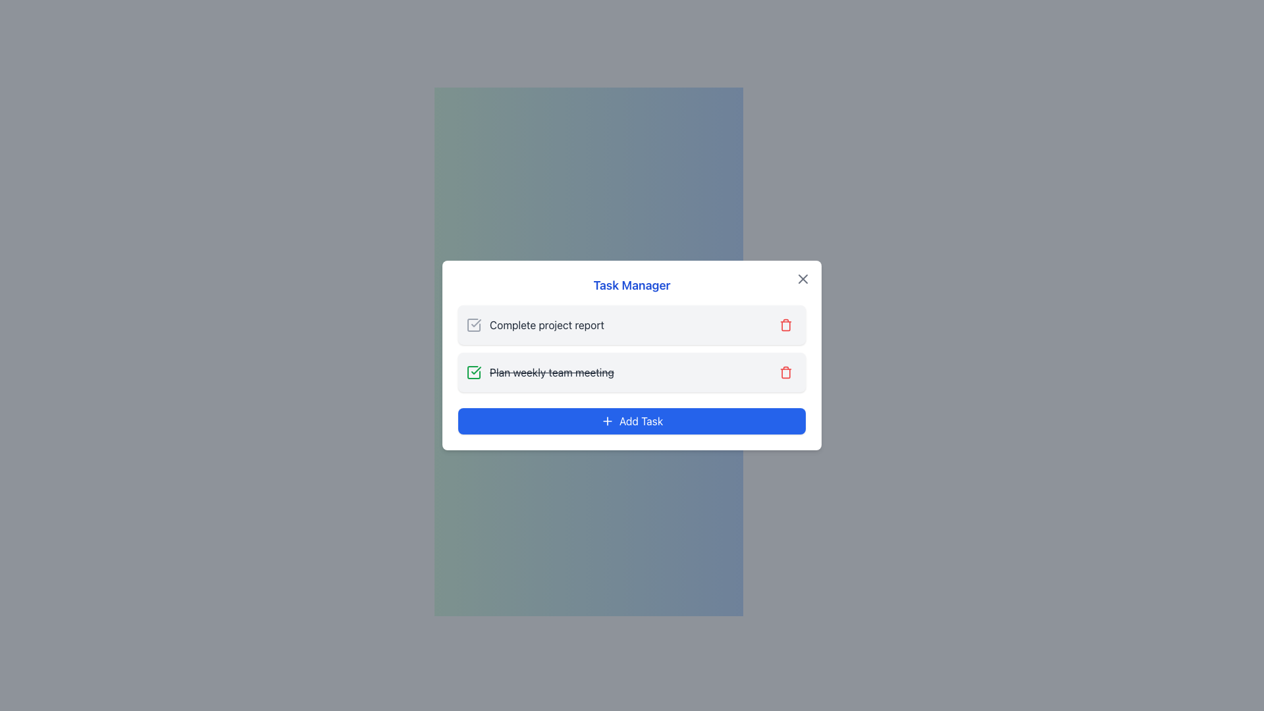 Image resolution: width=1264 pixels, height=711 pixels. Describe the element at coordinates (474, 325) in the screenshot. I see `the checkbox` at that location.